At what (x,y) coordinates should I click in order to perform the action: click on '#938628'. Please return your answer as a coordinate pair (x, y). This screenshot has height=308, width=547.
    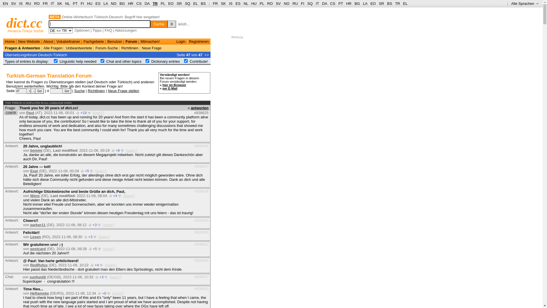
    Looking at the image, I should click on (201, 191).